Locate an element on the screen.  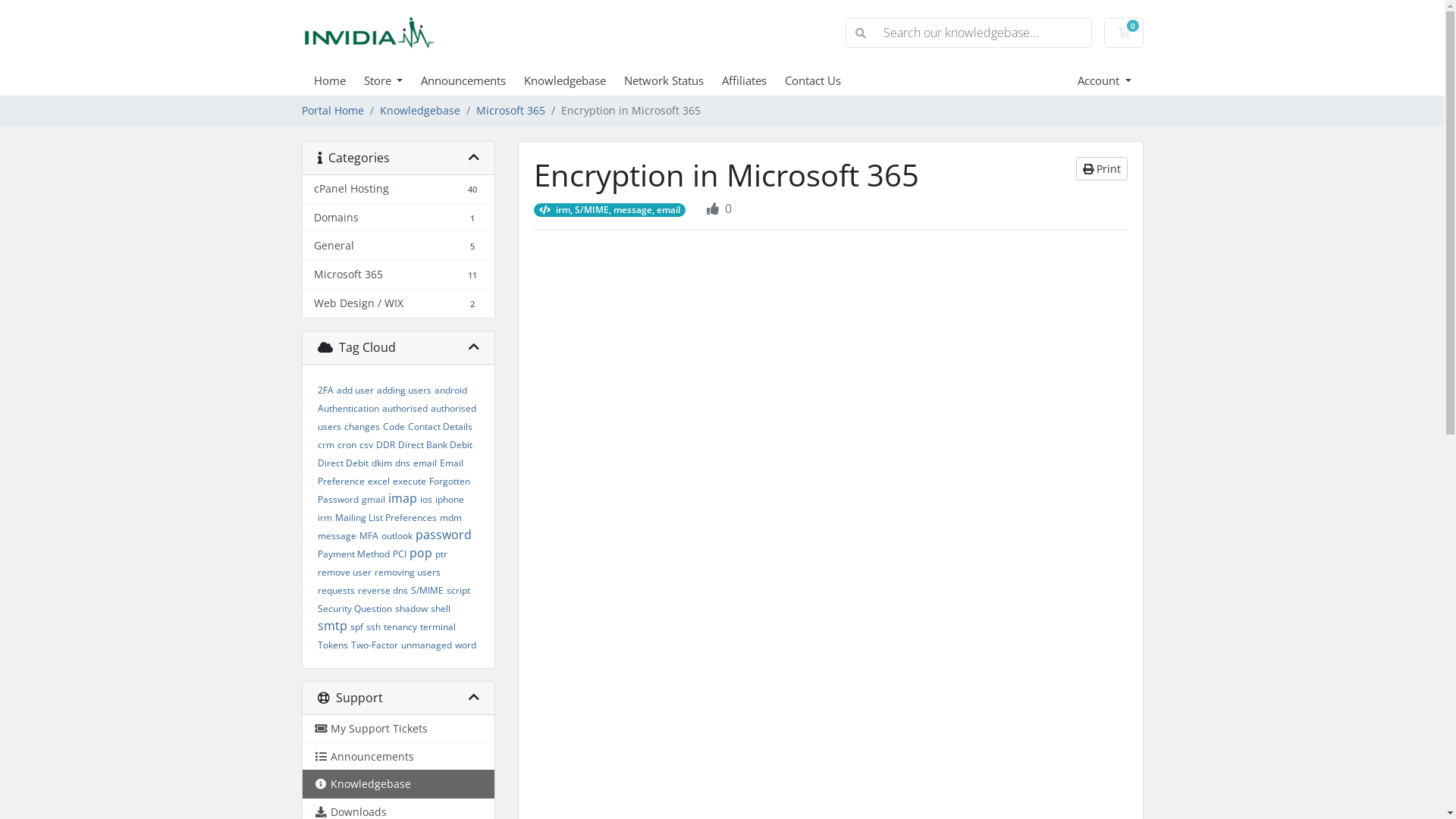
'reverse dns' is located at coordinates (382, 589).